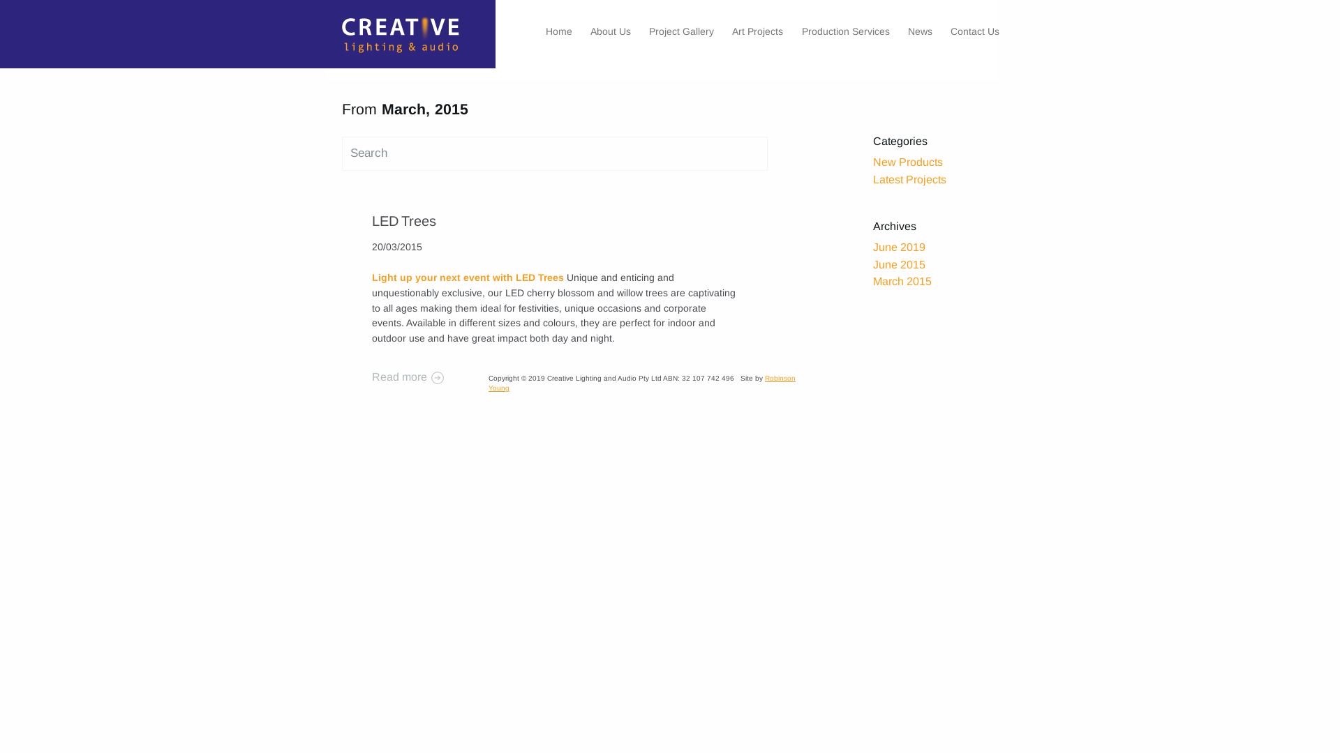 This screenshot has width=1340, height=753. What do you see at coordinates (590, 31) in the screenshot?
I see `'About Us'` at bounding box center [590, 31].